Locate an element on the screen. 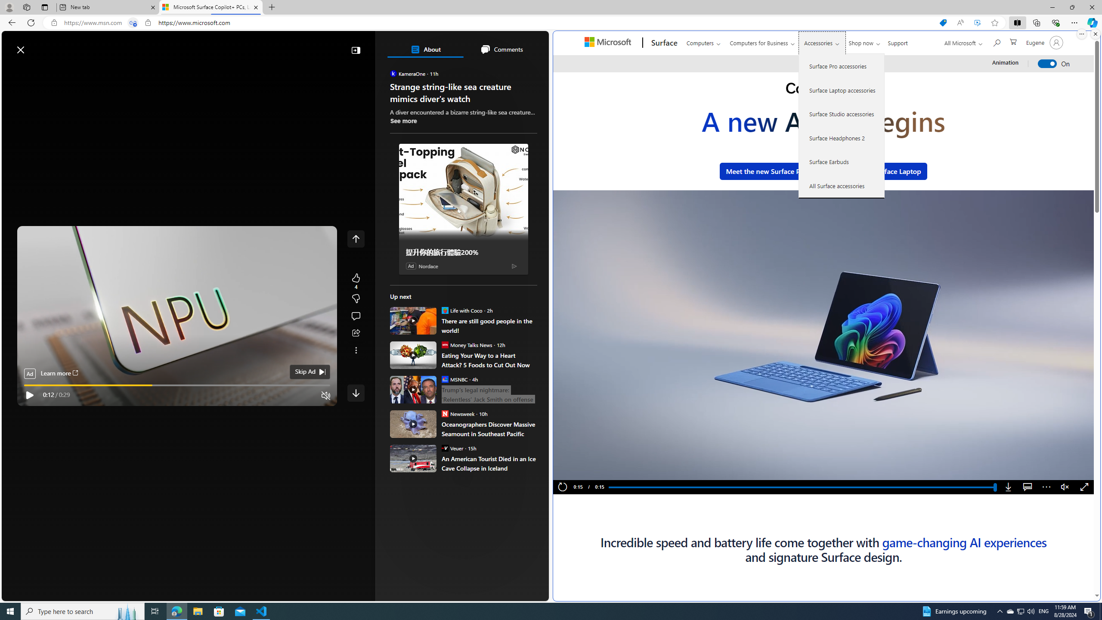 The width and height of the screenshot is (1102, 620). 'Shopping in Microsoft Edge' is located at coordinates (943, 23).